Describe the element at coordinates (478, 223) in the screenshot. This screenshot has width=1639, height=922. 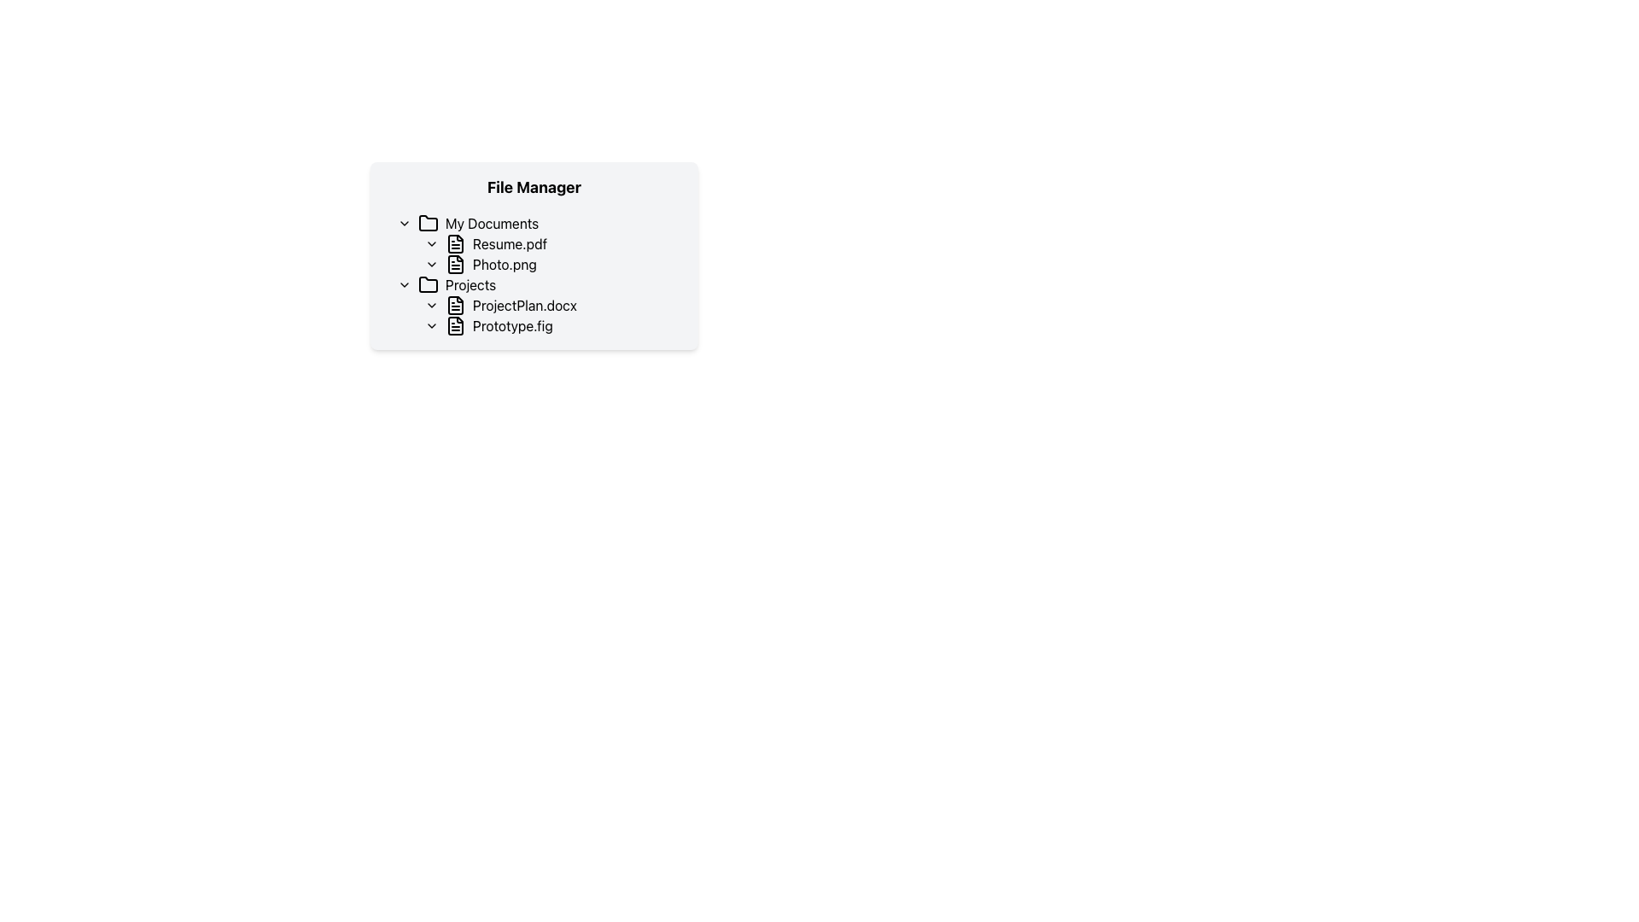
I see `the 'My Documents' folder` at that location.